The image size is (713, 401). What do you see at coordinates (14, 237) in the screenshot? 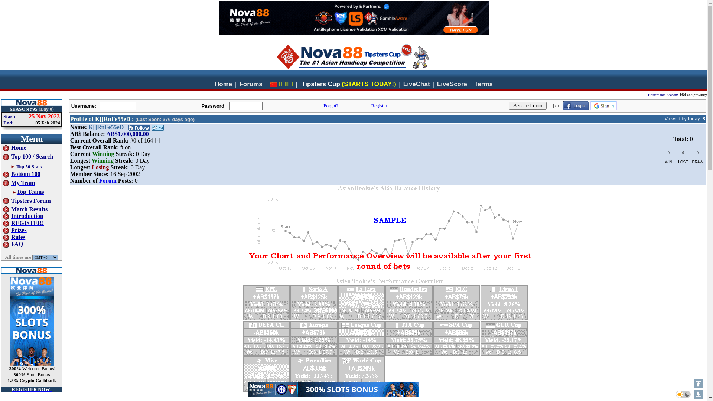
I see `'Rules'` at bounding box center [14, 237].